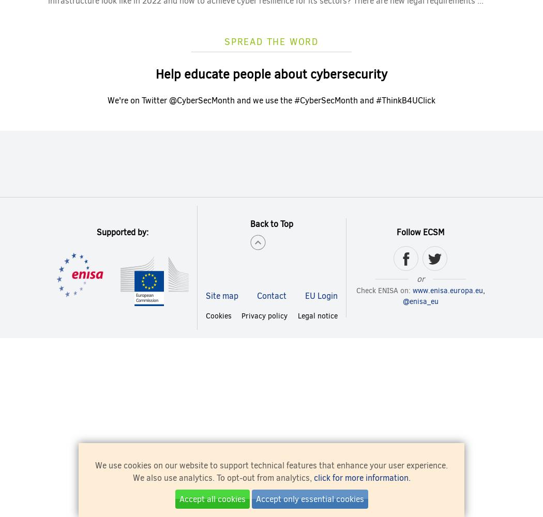 The image size is (543, 517). Describe the element at coordinates (256, 295) in the screenshot. I see `'Contact'` at that location.